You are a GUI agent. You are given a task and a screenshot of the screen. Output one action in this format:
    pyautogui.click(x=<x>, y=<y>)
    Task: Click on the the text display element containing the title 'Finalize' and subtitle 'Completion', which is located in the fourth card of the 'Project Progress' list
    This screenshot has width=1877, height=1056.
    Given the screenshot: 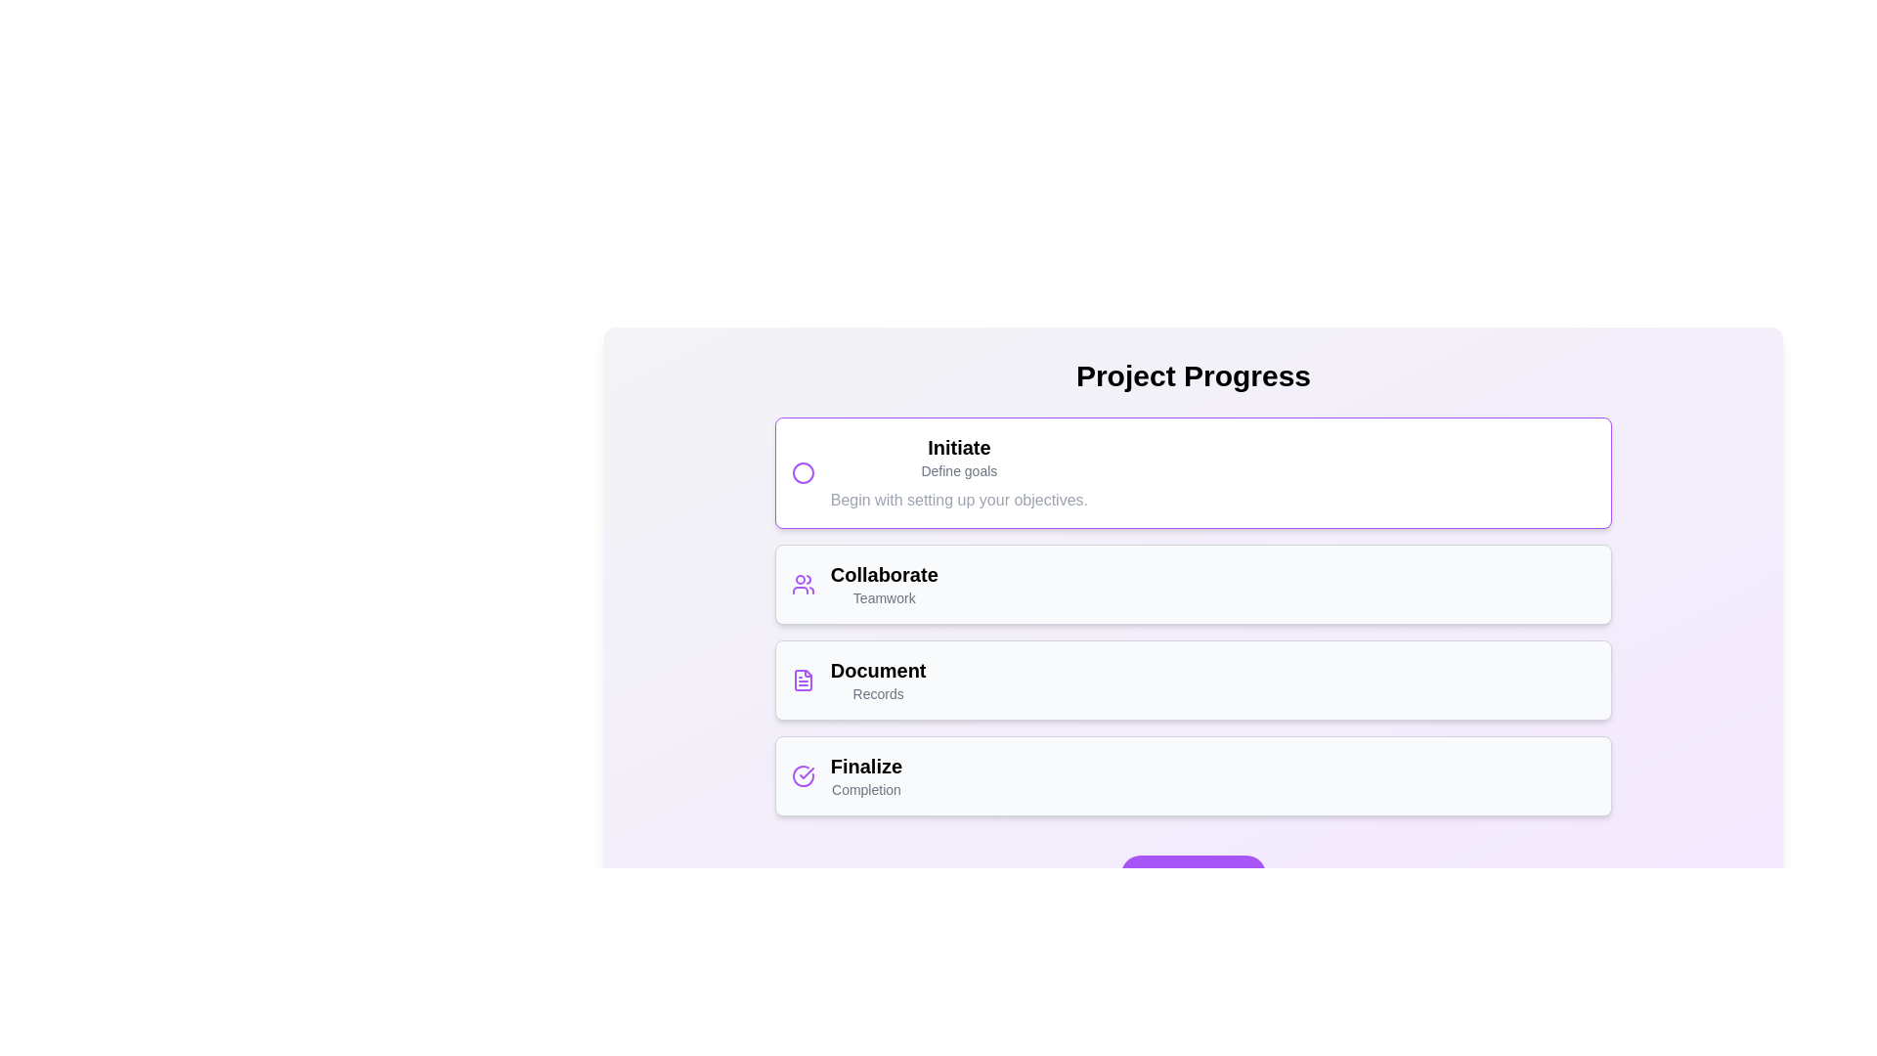 What is the action you would take?
    pyautogui.click(x=865, y=775)
    